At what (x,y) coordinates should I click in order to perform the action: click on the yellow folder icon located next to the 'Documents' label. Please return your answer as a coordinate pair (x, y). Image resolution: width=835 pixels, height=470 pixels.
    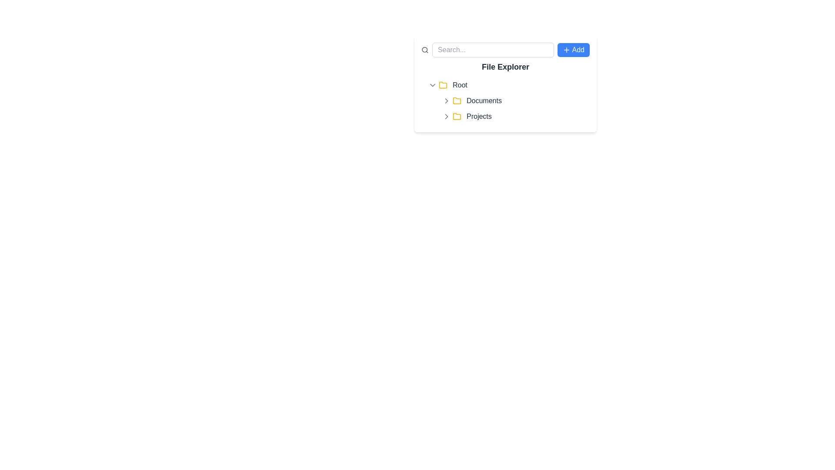
    Looking at the image, I should click on (457, 100).